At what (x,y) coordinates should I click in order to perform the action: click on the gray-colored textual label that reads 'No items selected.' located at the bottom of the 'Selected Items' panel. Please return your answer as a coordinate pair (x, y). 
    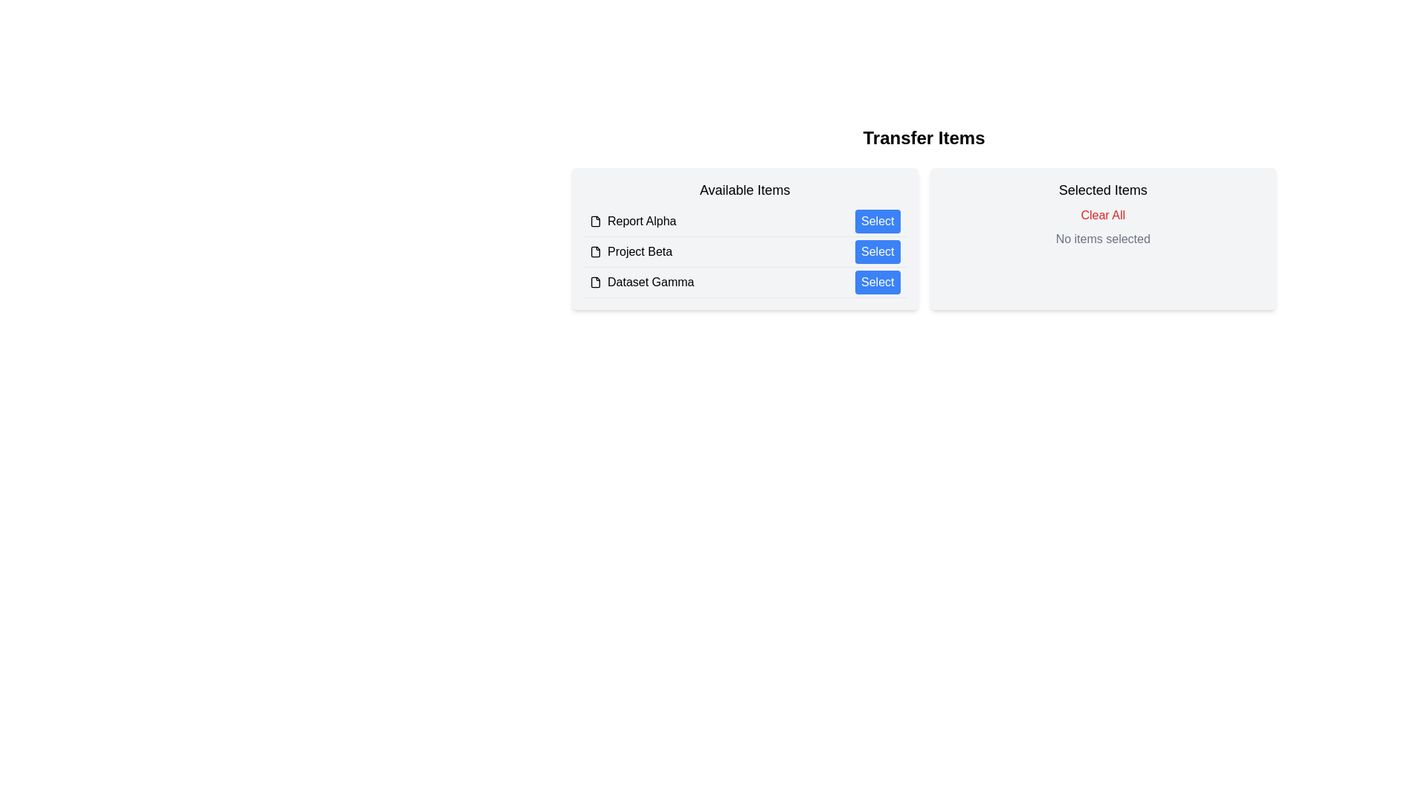
    Looking at the image, I should click on (1103, 238).